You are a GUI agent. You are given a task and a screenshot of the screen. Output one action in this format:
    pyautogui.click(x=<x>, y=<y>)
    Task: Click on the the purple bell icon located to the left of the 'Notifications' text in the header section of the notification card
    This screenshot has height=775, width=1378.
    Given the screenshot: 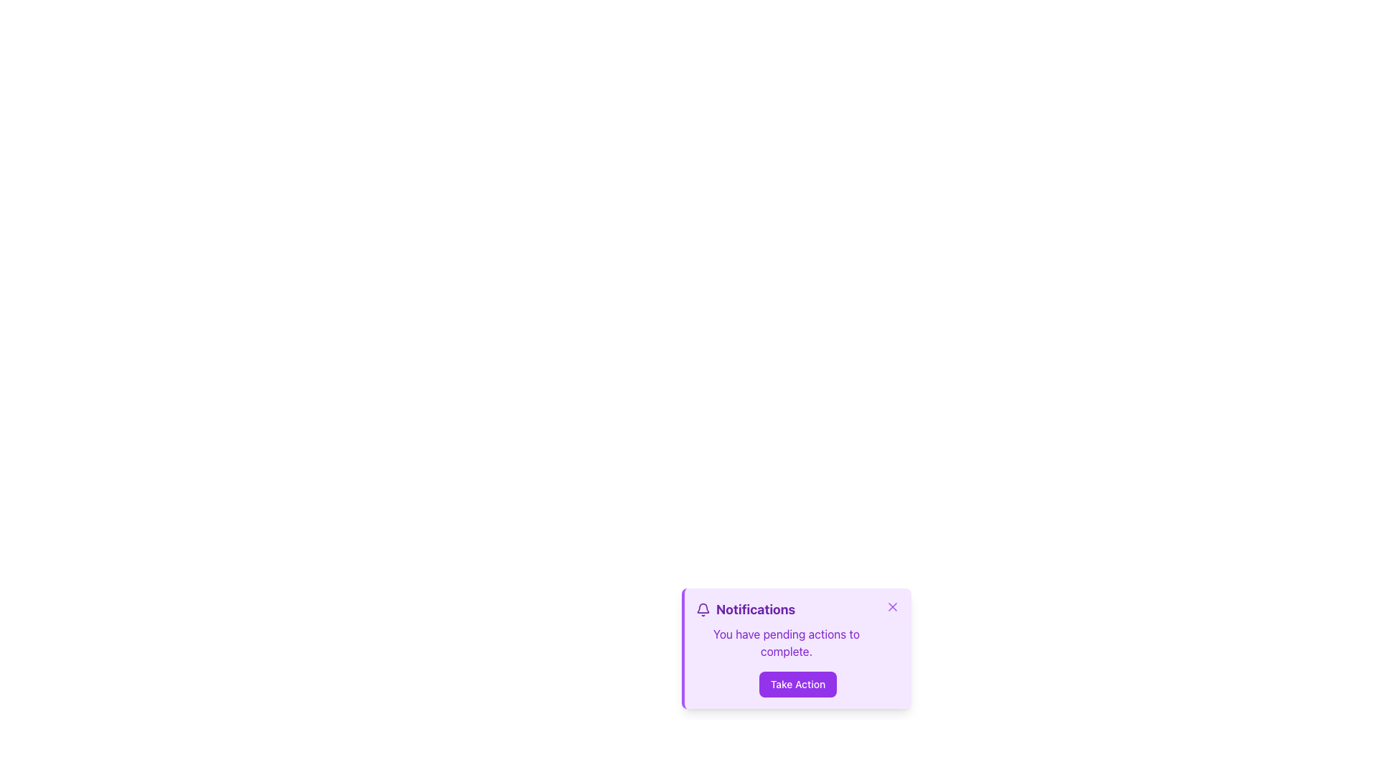 What is the action you would take?
    pyautogui.click(x=703, y=609)
    